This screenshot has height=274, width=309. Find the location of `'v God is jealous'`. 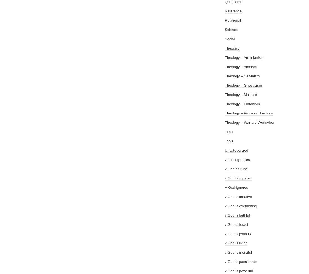

'v God is jealous' is located at coordinates (237, 234).